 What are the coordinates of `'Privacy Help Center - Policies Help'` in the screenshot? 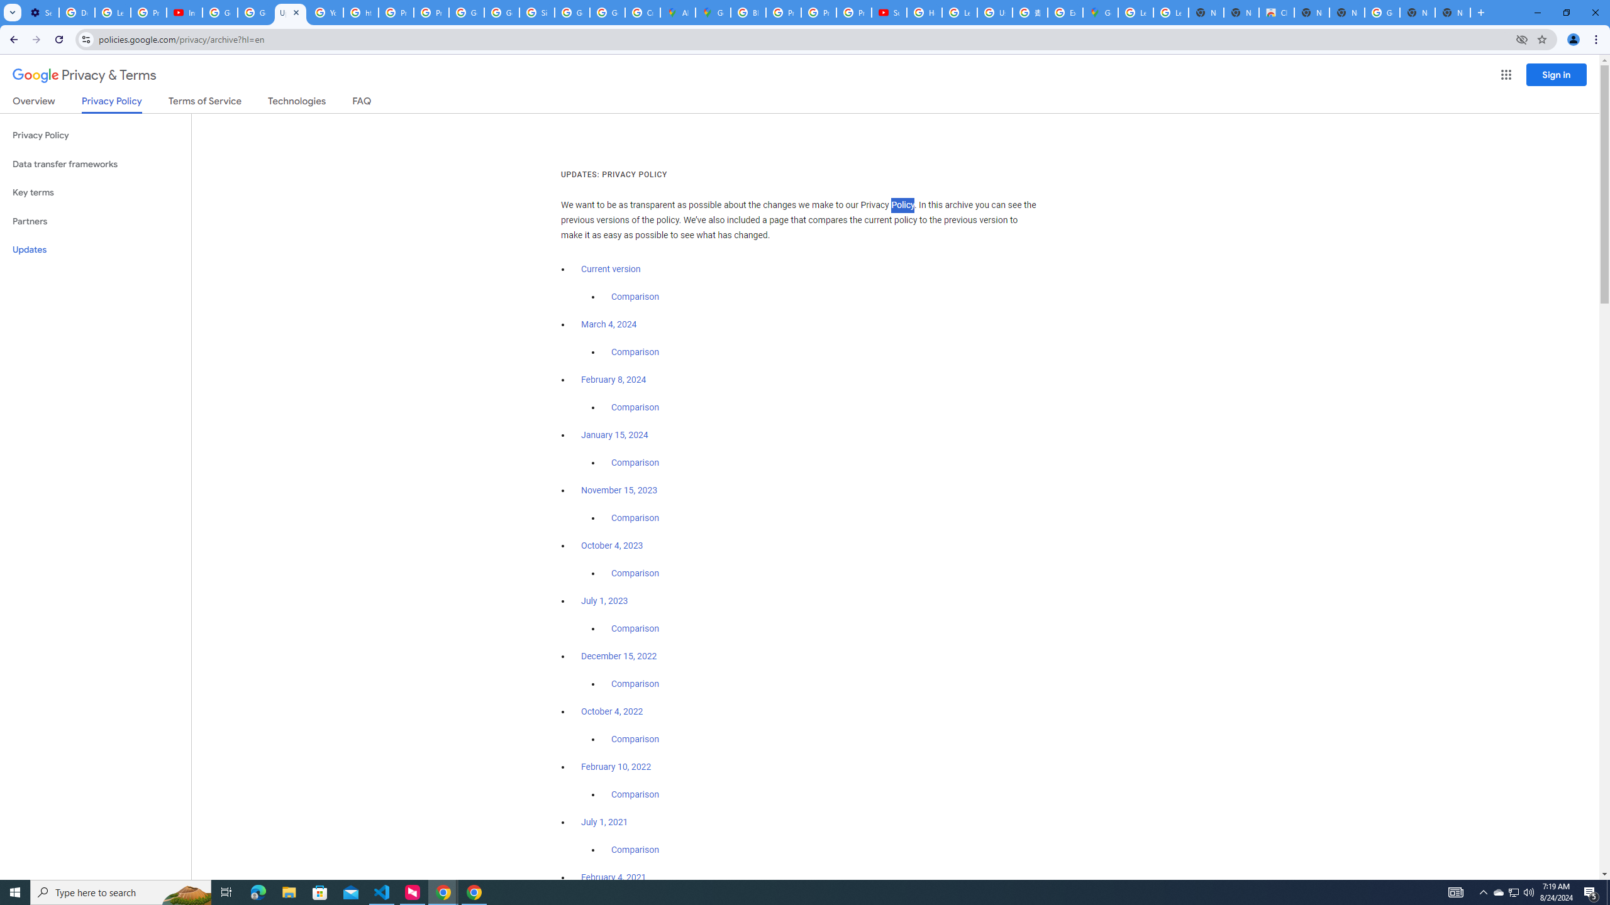 It's located at (818, 12).